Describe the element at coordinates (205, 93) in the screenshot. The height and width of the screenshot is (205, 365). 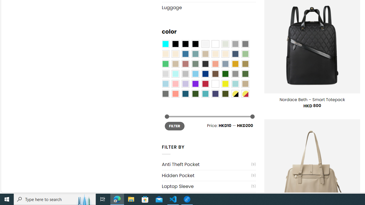
I see `'Teal'` at that location.